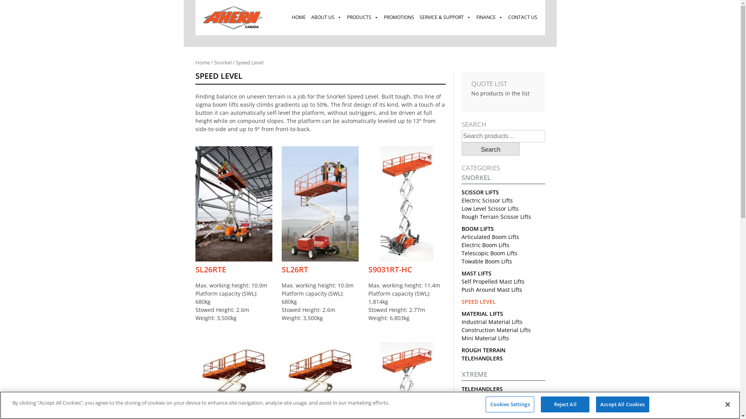  Describe the element at coordinates (462, 200) in the screenshot. I see `'Electric Scissor Lifts'` at that location.